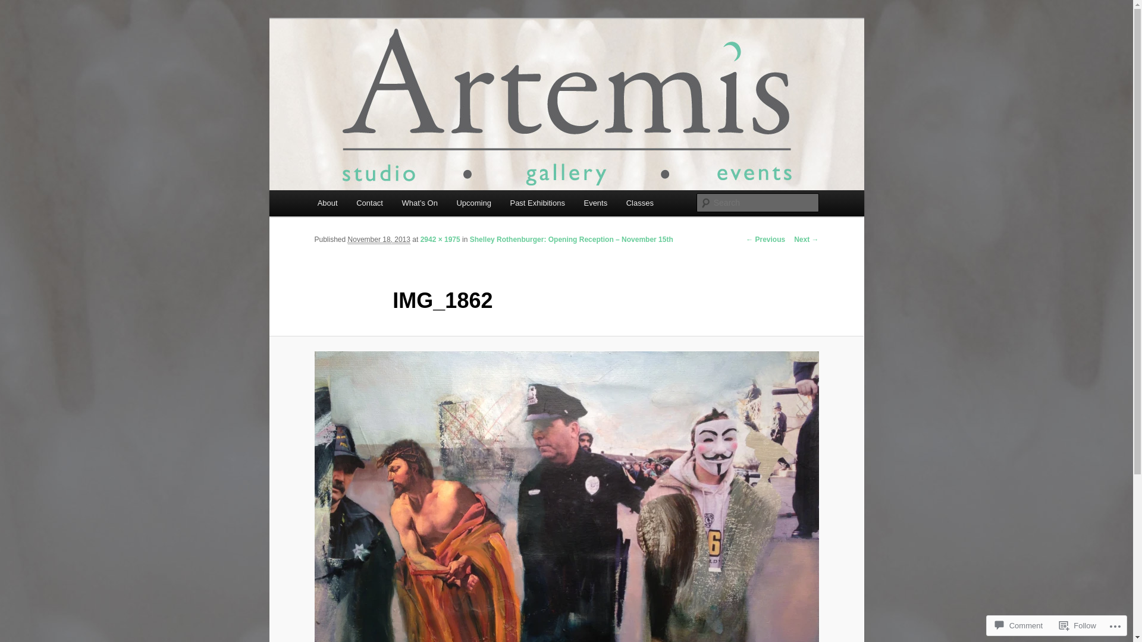 The image size is (1142, 642). I want to click on 'Comment', so click(1018, 625).